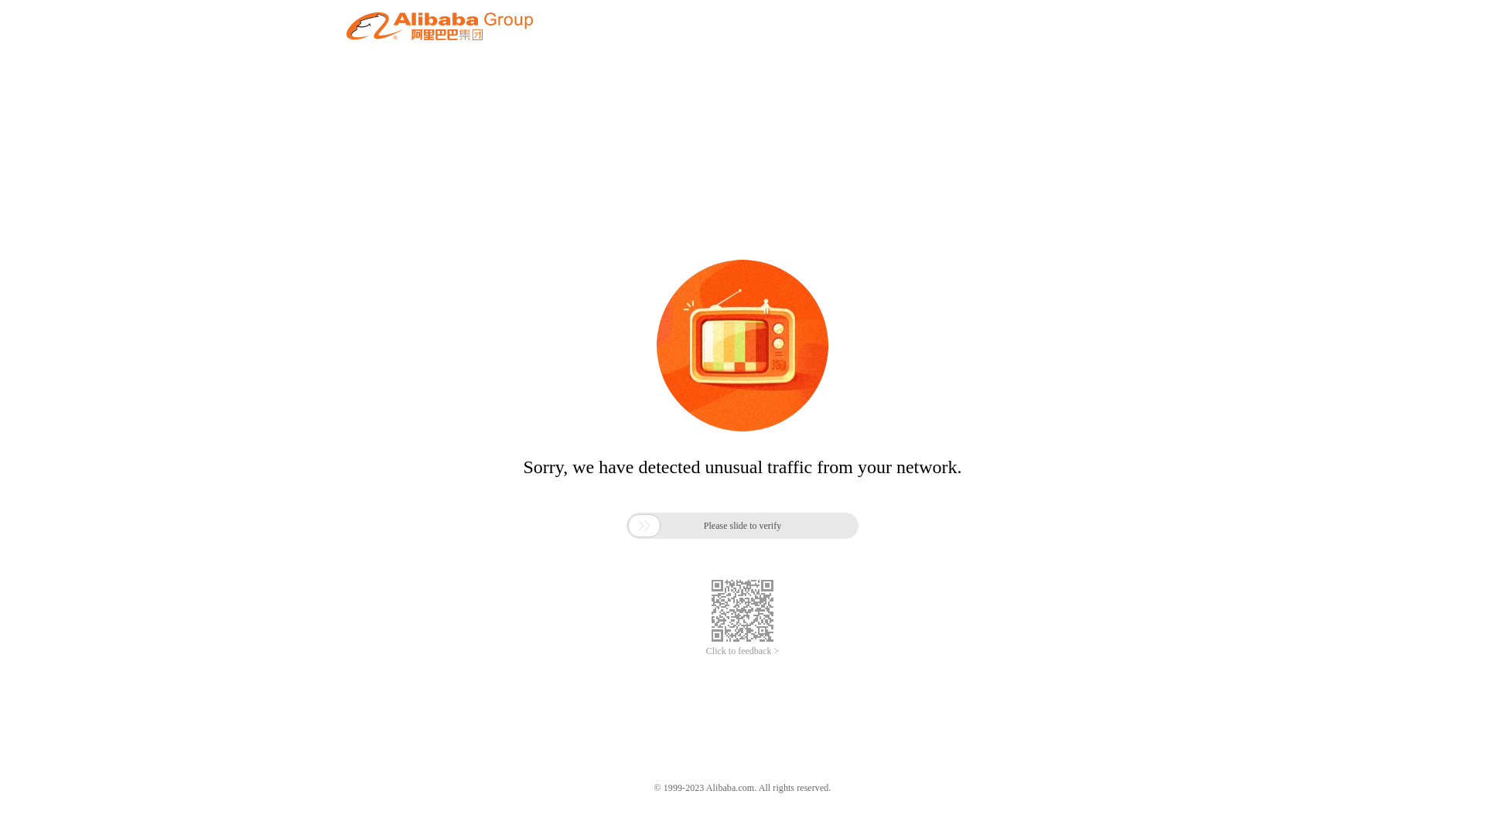 The height and width of the screenshot is (835, 1485). Describe the element at coordinates (705, 651) in the screenshot. I see `'Click to feedback >'` at that location.